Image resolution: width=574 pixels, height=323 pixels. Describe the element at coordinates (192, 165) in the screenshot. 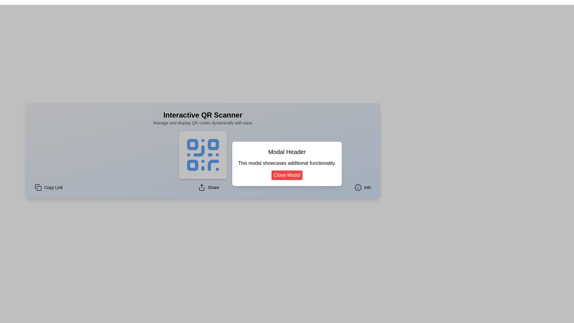

I see `the third Decorative Square within the QR code-like icon in the modal content area` at that location.